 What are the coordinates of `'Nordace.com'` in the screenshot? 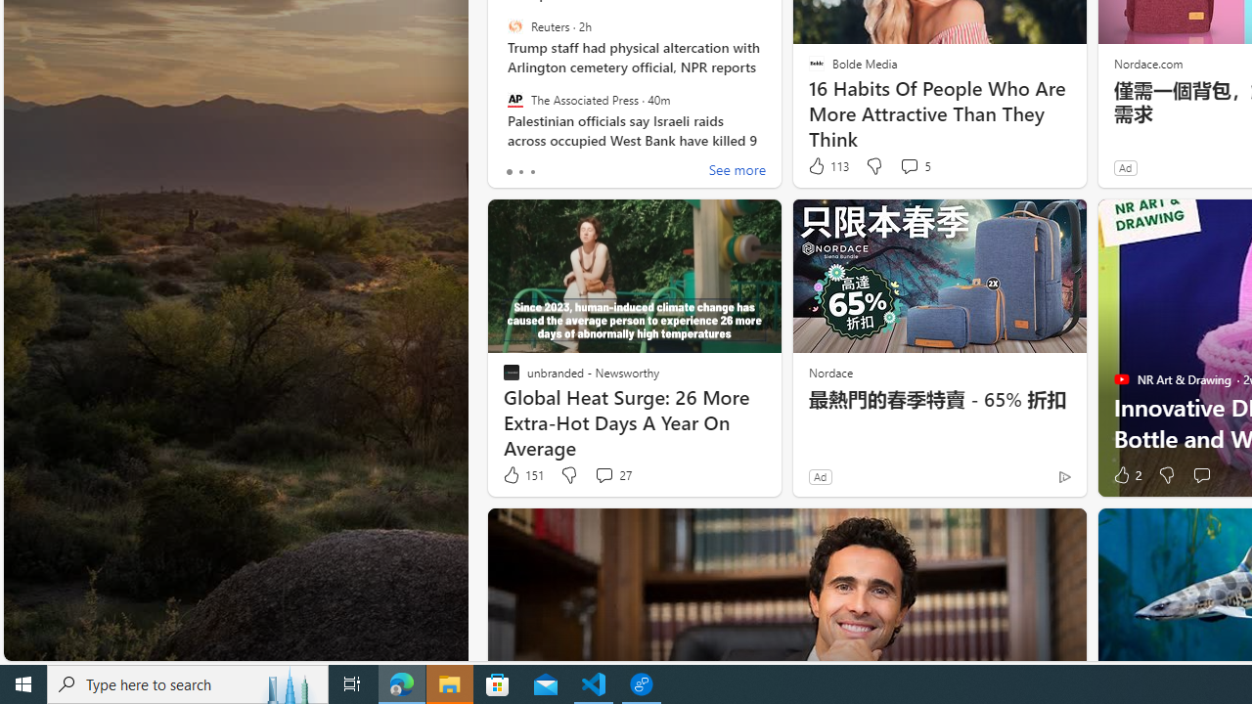 It's located at (1147, 62).